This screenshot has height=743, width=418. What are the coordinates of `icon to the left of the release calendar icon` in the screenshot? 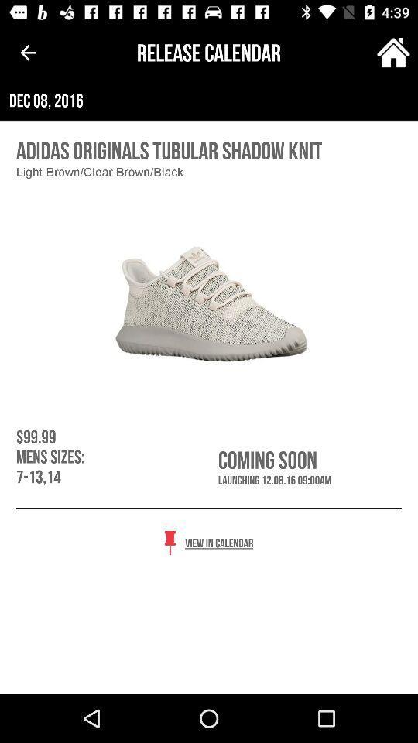 It's located at (28, 53).